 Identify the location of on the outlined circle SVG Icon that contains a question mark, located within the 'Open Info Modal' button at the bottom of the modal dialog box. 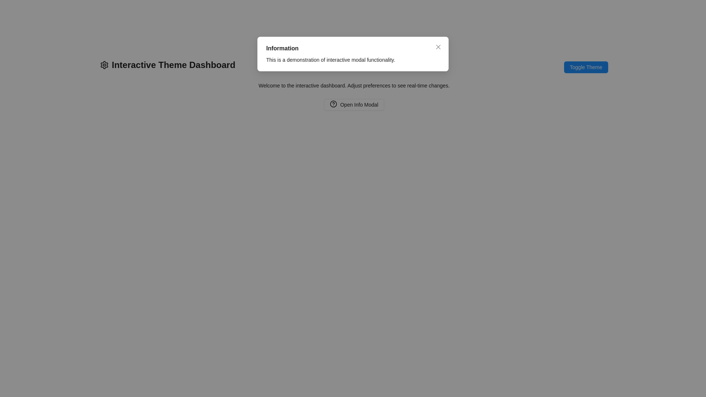
(333, 104).